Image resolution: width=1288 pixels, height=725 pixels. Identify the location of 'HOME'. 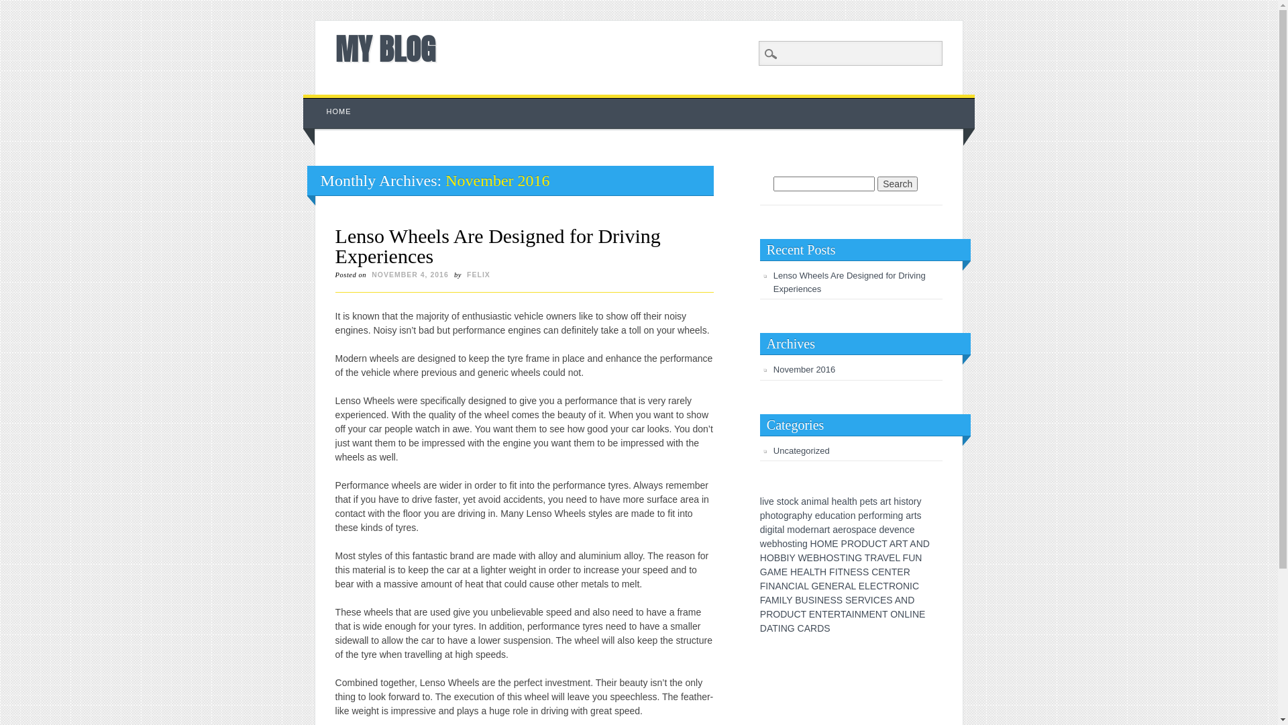
(339, 111).